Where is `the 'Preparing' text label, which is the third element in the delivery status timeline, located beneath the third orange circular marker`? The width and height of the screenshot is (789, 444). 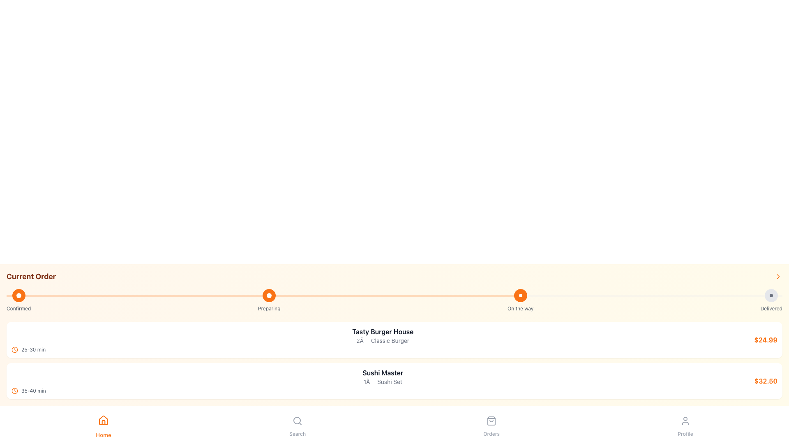 the 'Preparing' text label, which is the third element in the delivery status timeline, located beneath the third orange circular marker is located at coordinates (269, 309).